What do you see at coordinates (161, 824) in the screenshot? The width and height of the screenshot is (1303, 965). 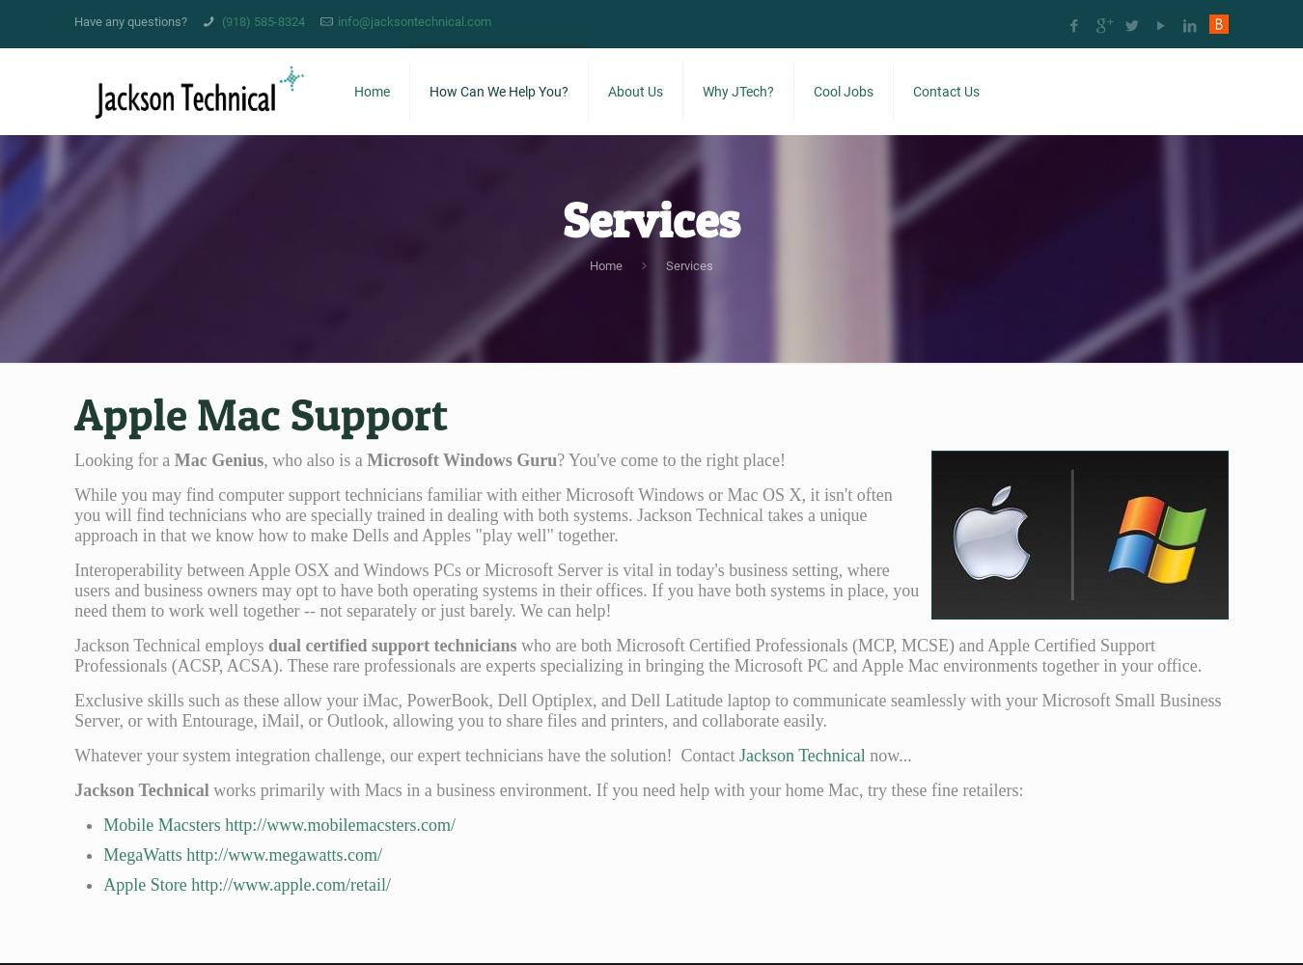 I see `'Mobile Macsters'` at bounding box center [161, 824].